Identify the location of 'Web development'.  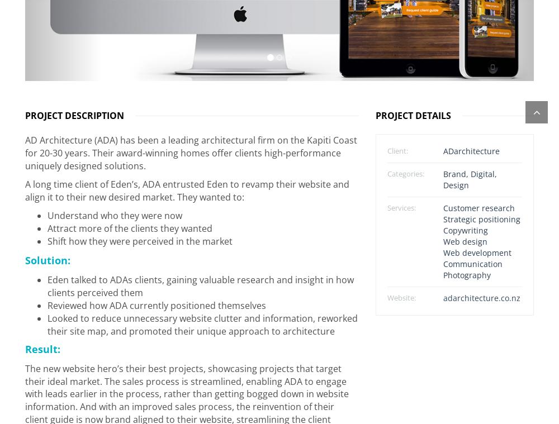
(476, 248).